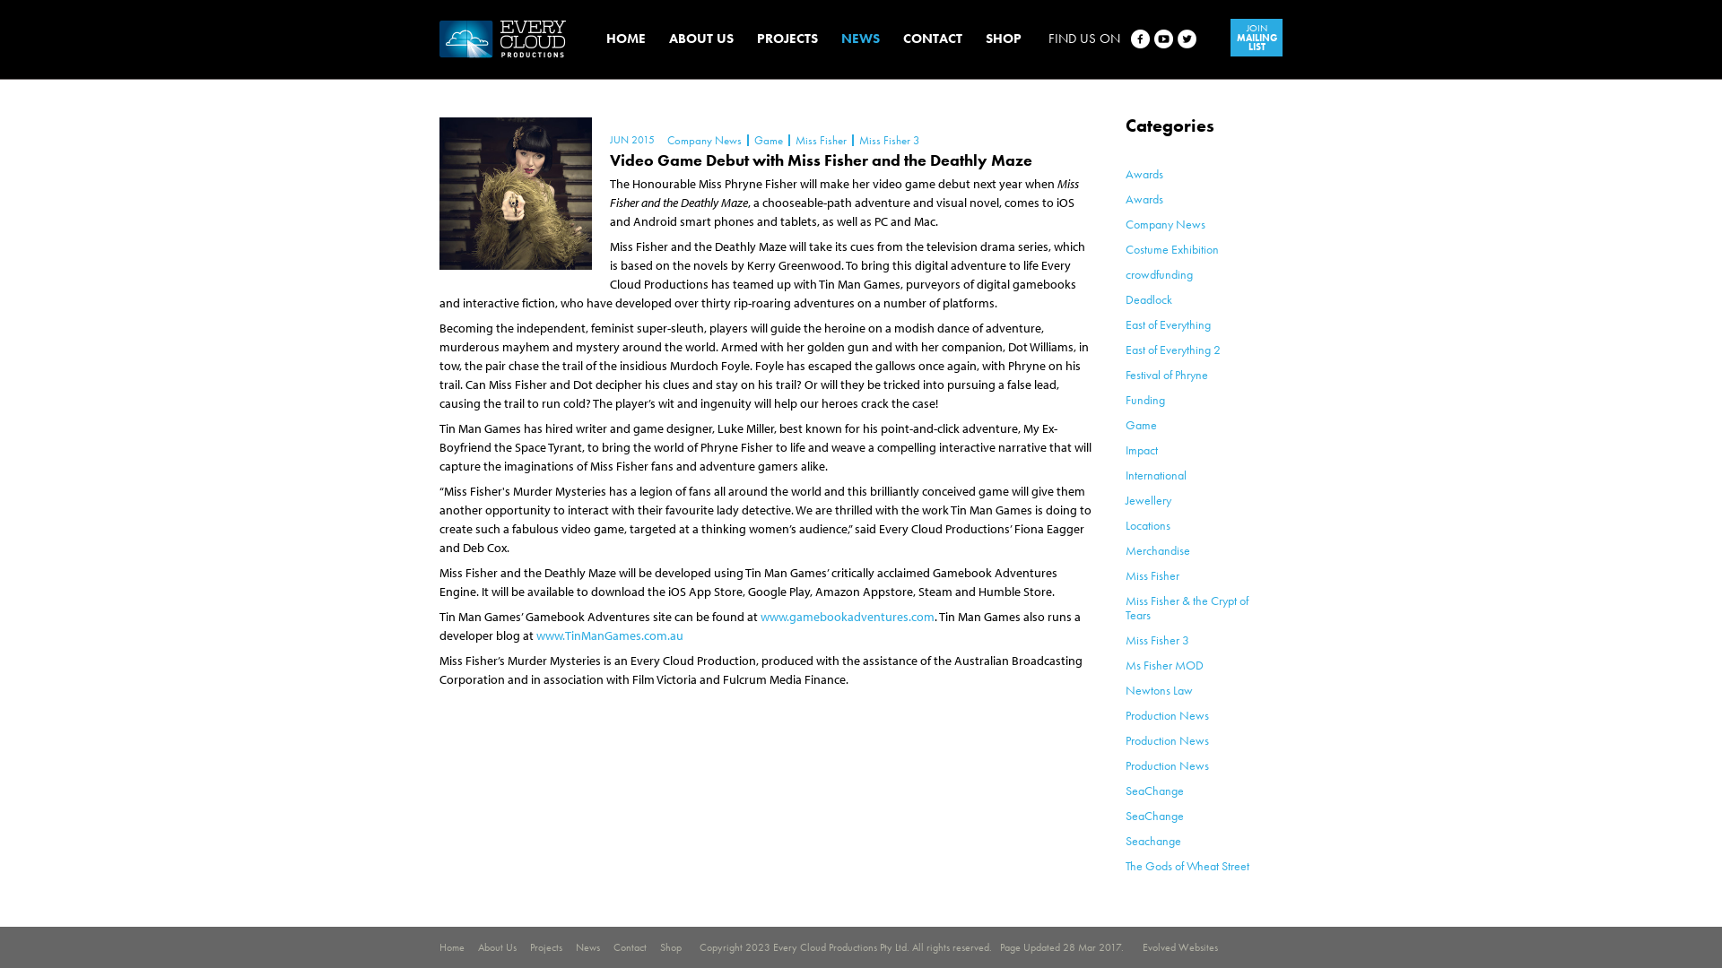 The width and height of the screenshot is (1722, 968). Describe the element at coordinates (497, 946) in the screenshot. I see `'About Us'` at that location.